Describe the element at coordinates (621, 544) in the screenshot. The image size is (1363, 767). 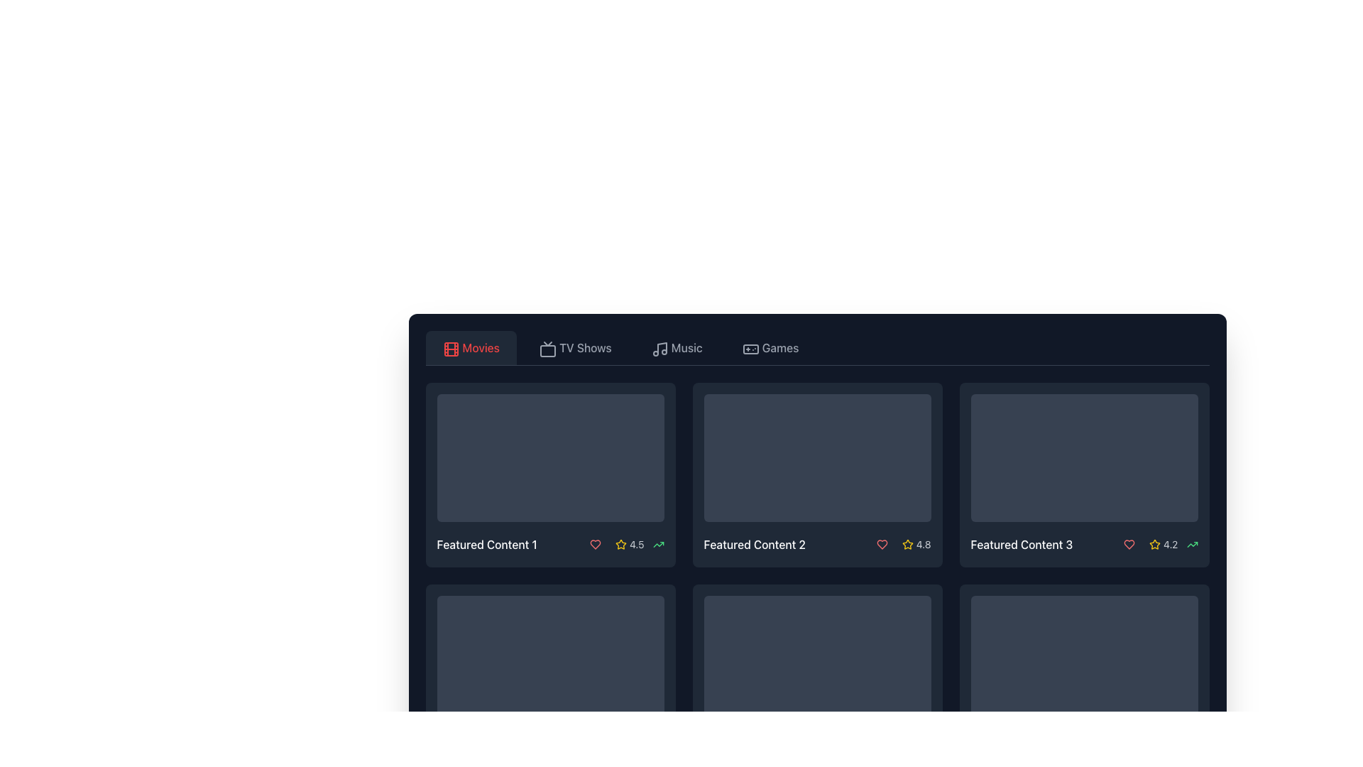
I see `the star-shaped rating icon, which has a yellow outline and is located next to the rating text '4.5'` at that location.